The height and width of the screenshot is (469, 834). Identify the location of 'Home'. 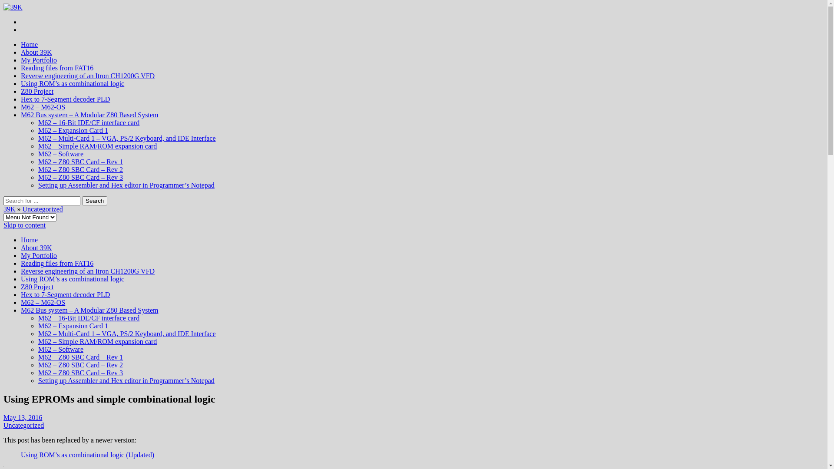
(21, 44).